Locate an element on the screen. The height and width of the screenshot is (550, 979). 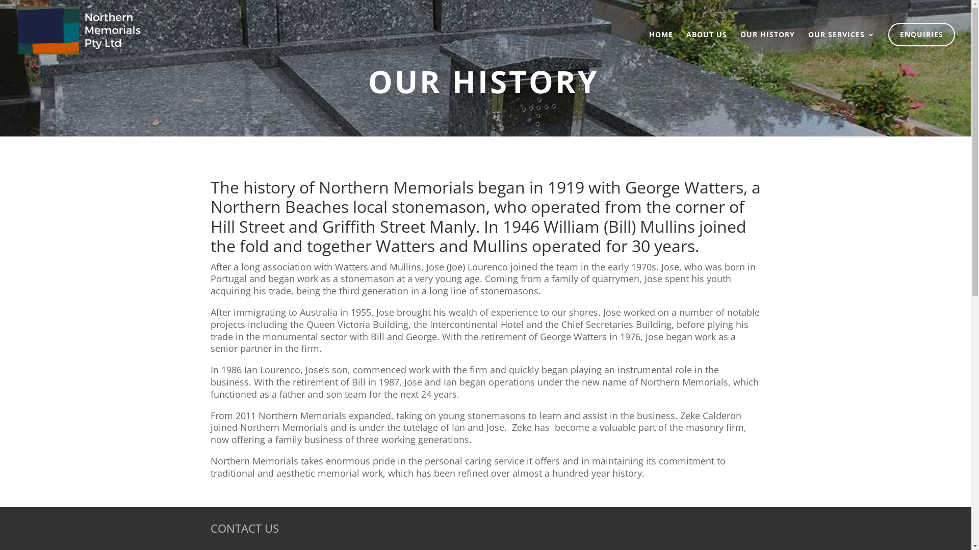
'HOME' is located at coordinates (661, 46).